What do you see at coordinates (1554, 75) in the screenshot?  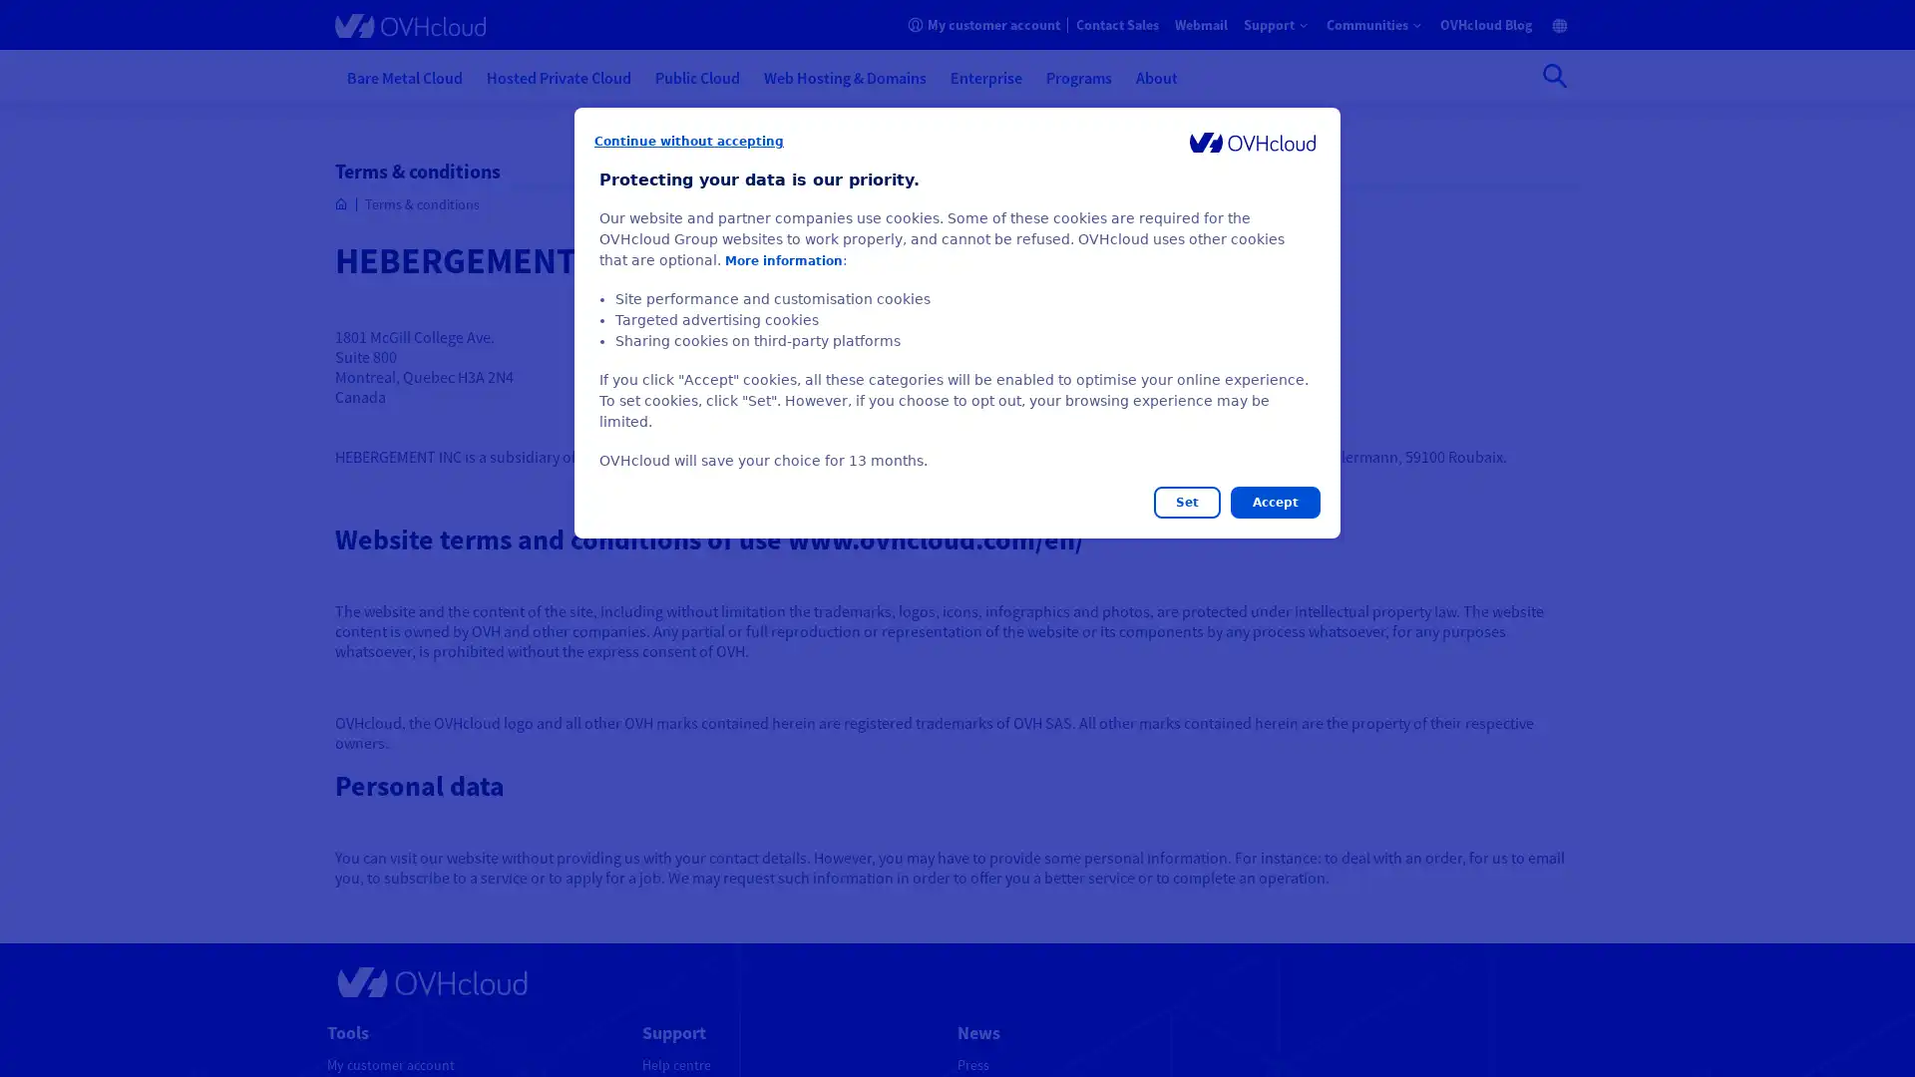 I see `Open search bar` at bounding box center [1554, 75].